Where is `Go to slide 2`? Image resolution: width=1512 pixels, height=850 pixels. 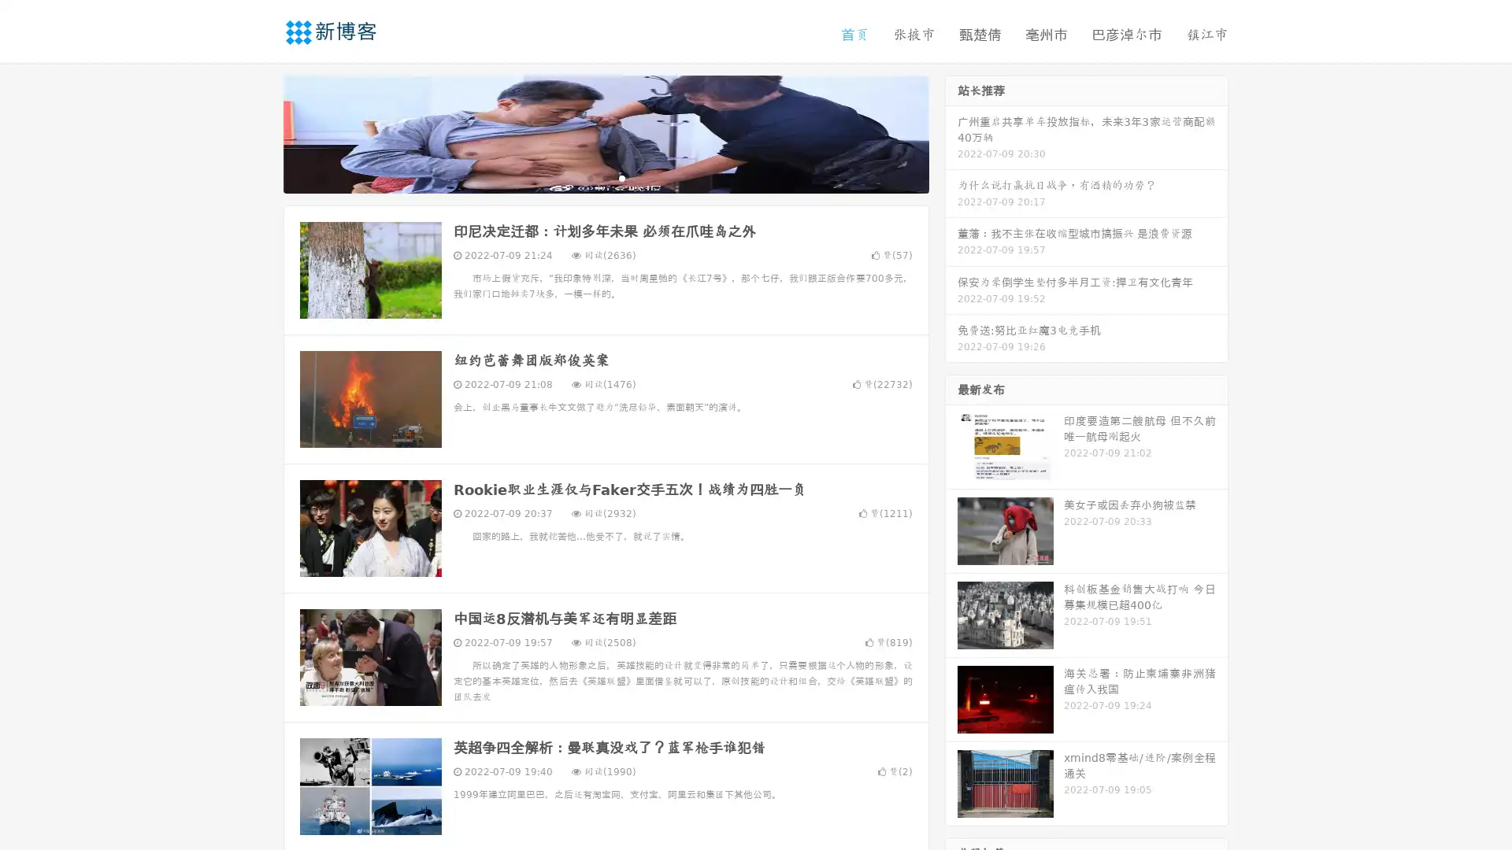 Go to slide 2 is located at coordinates (605, 177).